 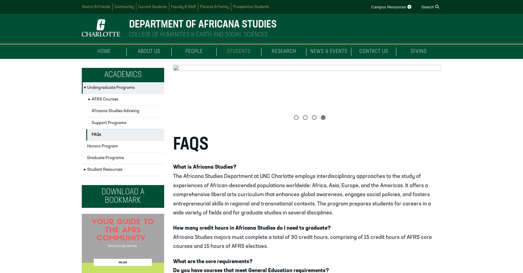 What do you see at coordinates (283, 51) in the screenshot?
I see `'Research'` at bounding box center [283, 51].